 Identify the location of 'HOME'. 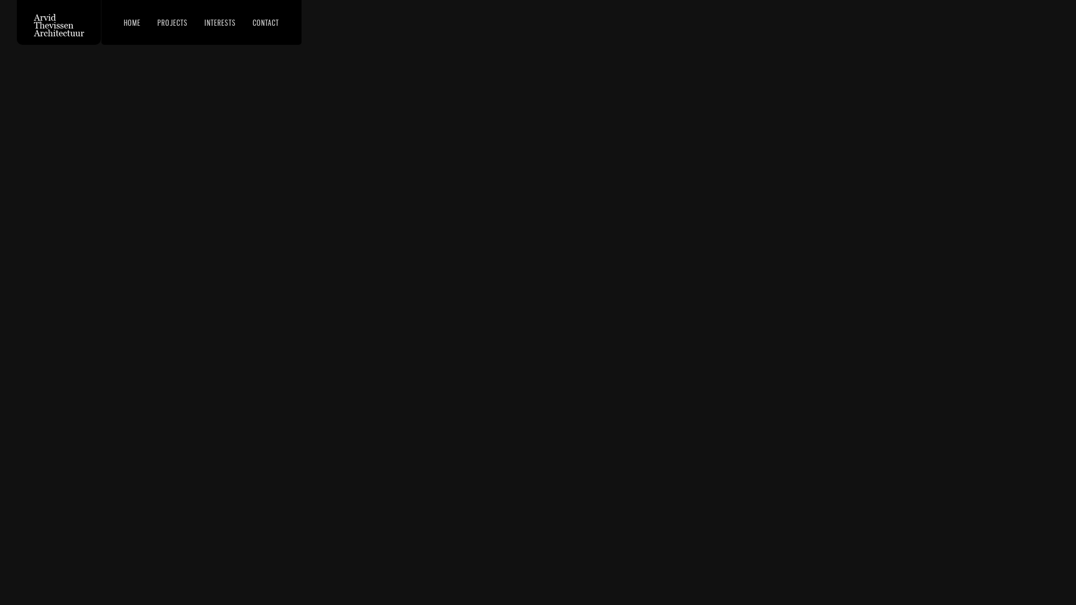
(132, 21).